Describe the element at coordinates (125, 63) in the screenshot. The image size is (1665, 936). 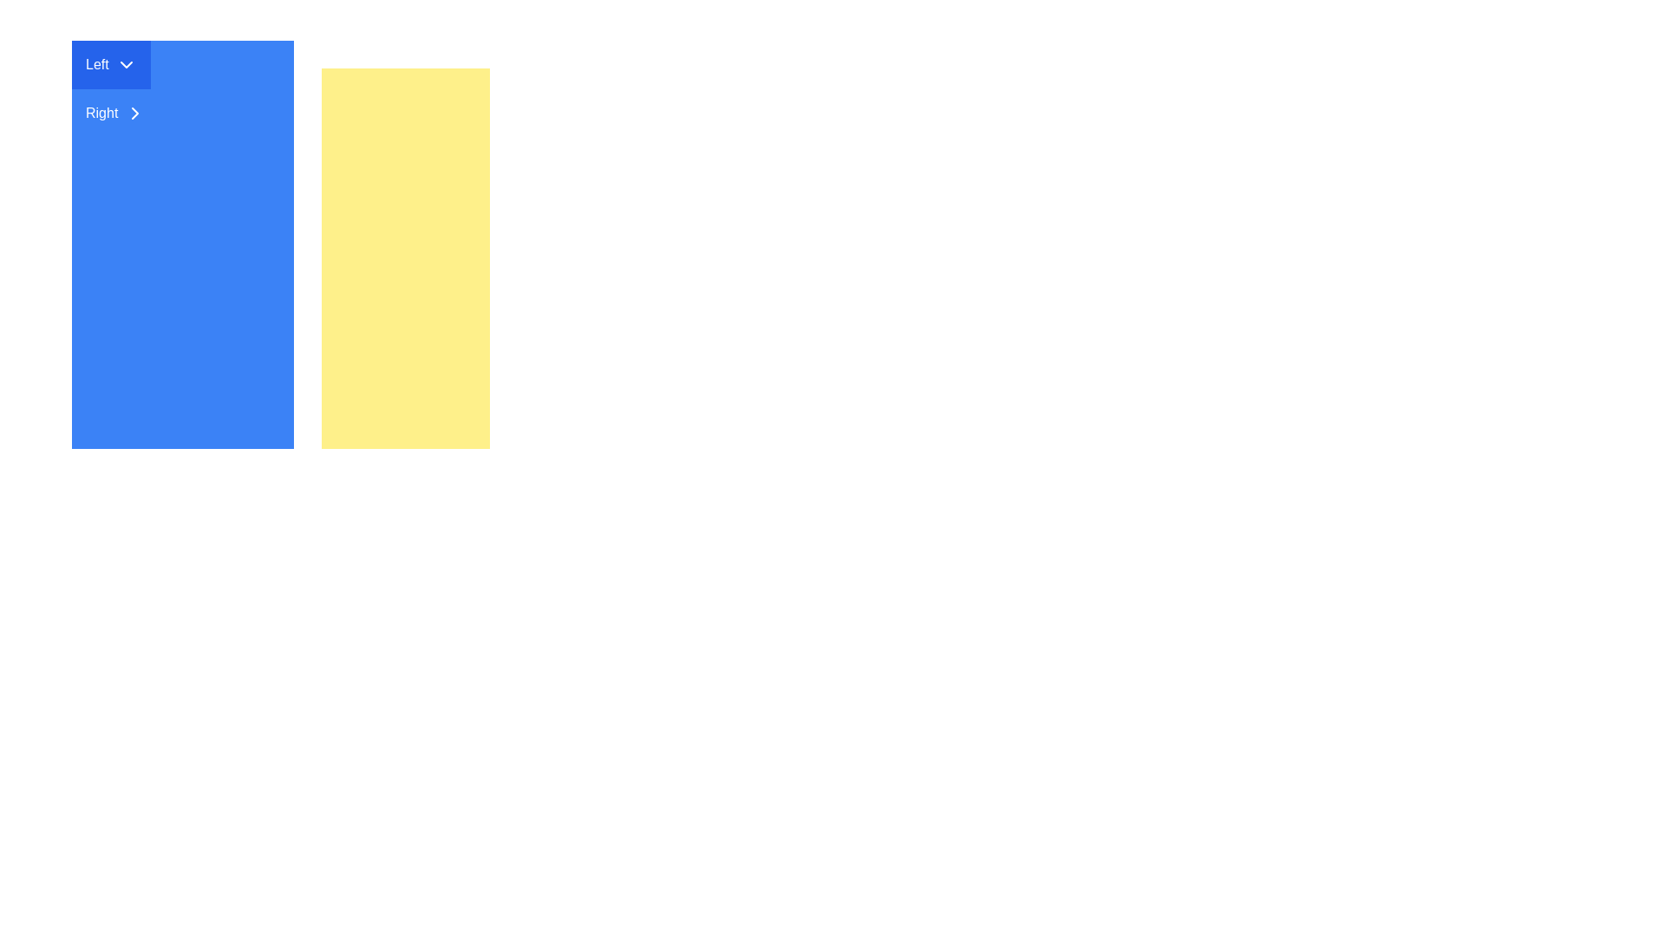
I see `the downward-facing chevron icon located to the right of the 'Left' text` at that location.